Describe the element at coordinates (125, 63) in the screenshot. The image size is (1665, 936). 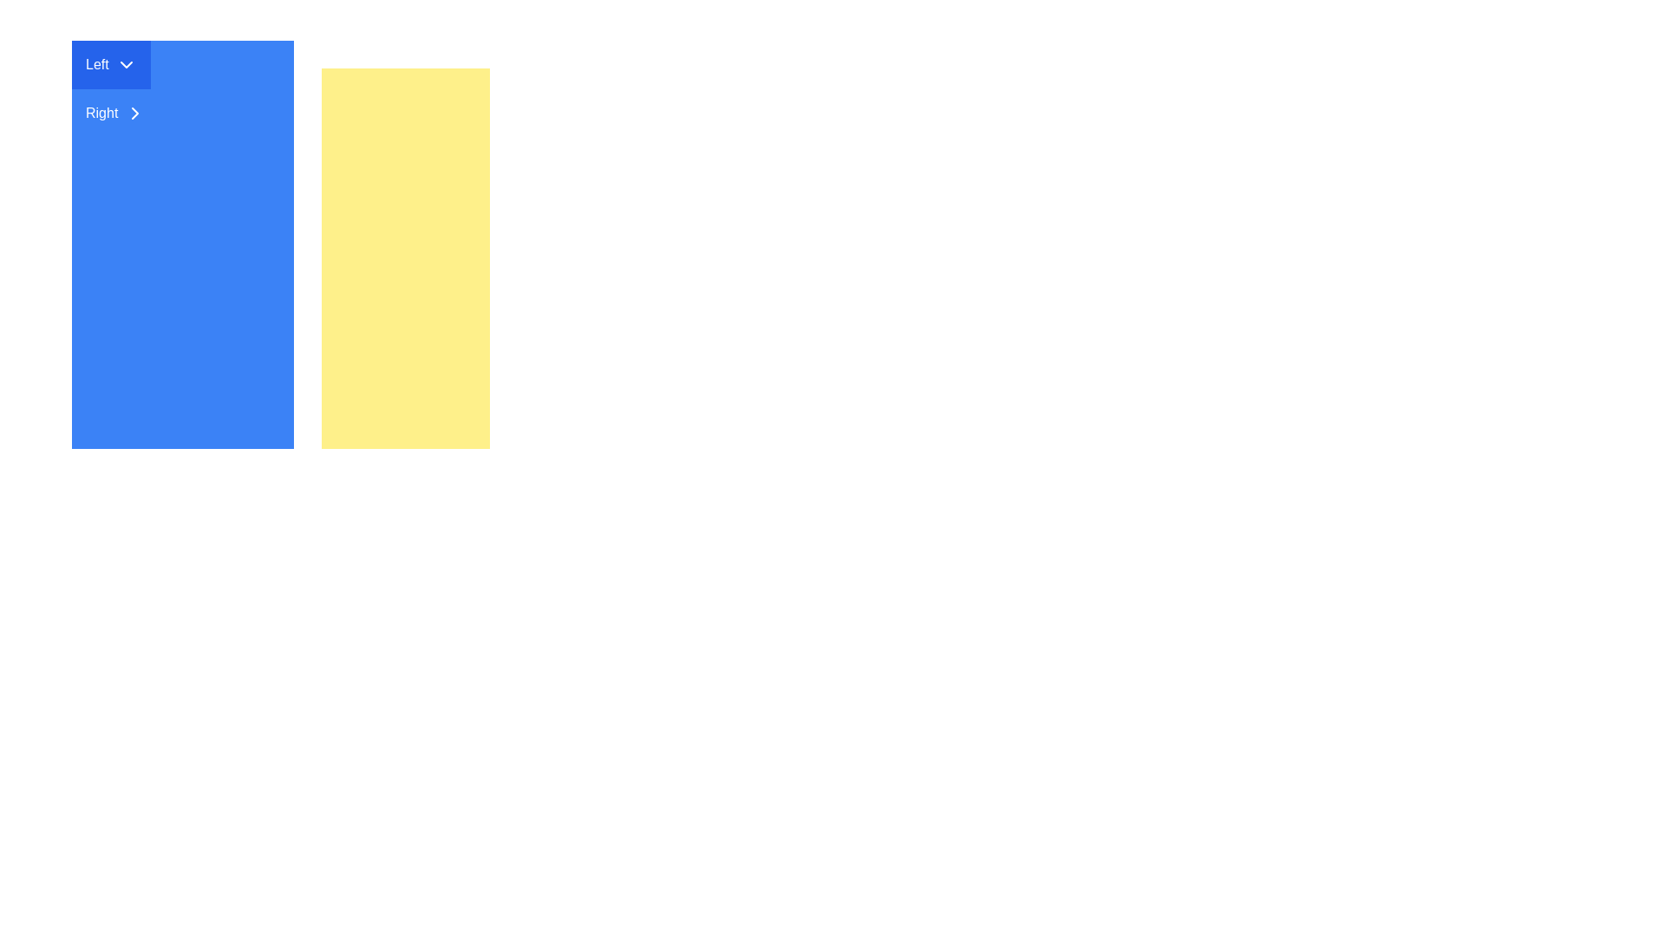
I see `the downward-facing chevron icon located to the right of the 'Left' text` at that location.